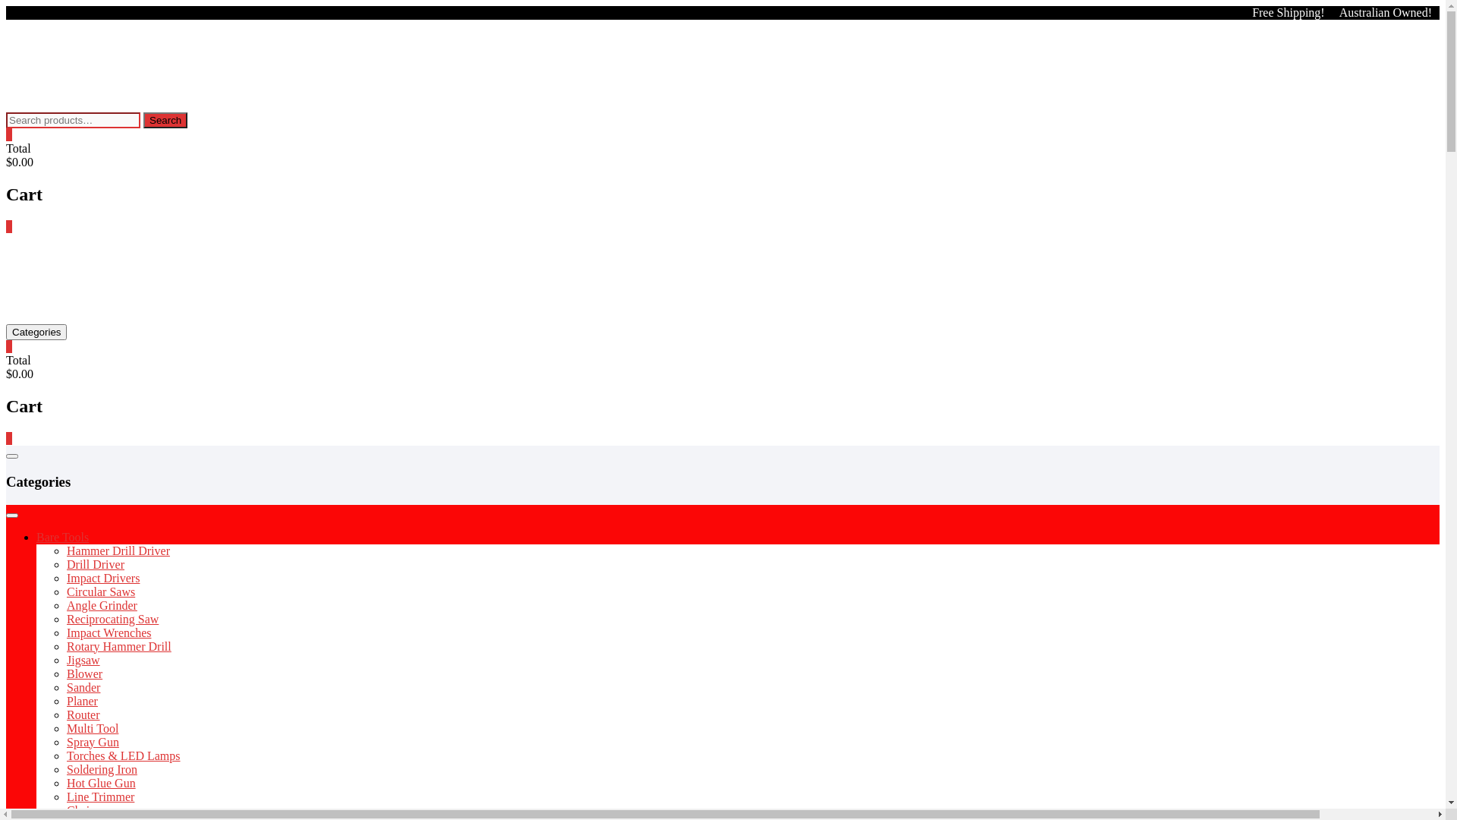 This screenshot has width=1457, height=820. Describe the element at coordinates (65, 727) in the screenshot. I see `'Multi Tool'` at that location.